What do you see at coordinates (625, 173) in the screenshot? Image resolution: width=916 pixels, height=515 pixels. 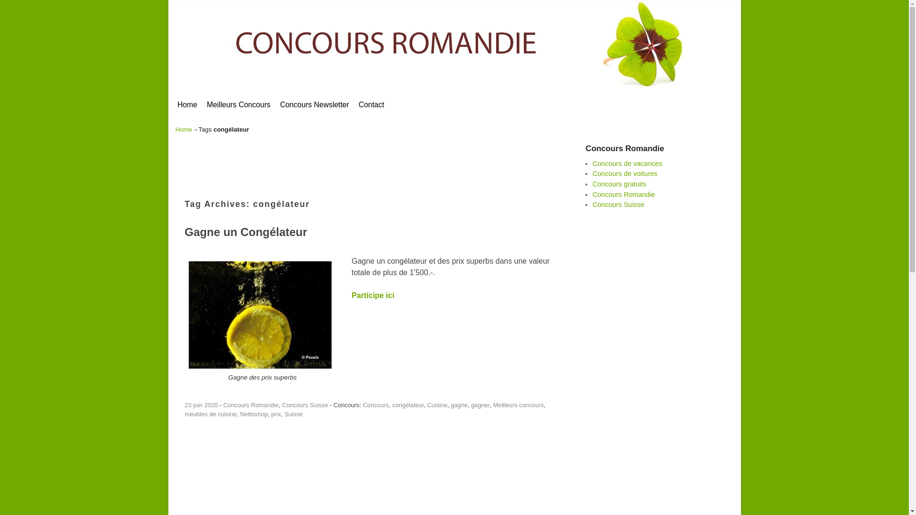 I see `'Concours de voitures'` at bounding box center [625, 173].